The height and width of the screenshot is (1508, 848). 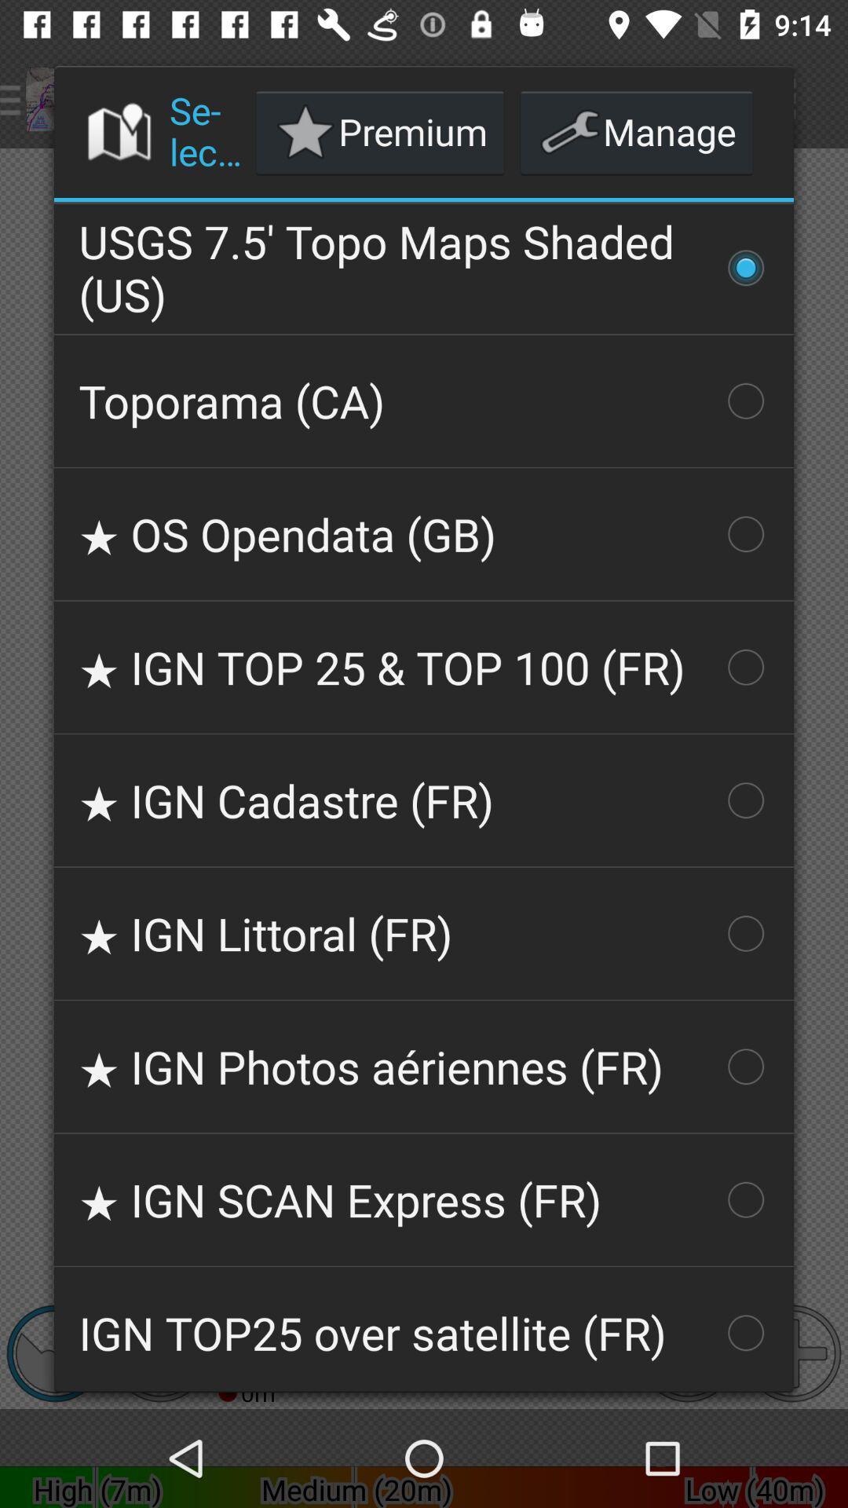 I want to click on premium icon, so click(x=380, y=132).